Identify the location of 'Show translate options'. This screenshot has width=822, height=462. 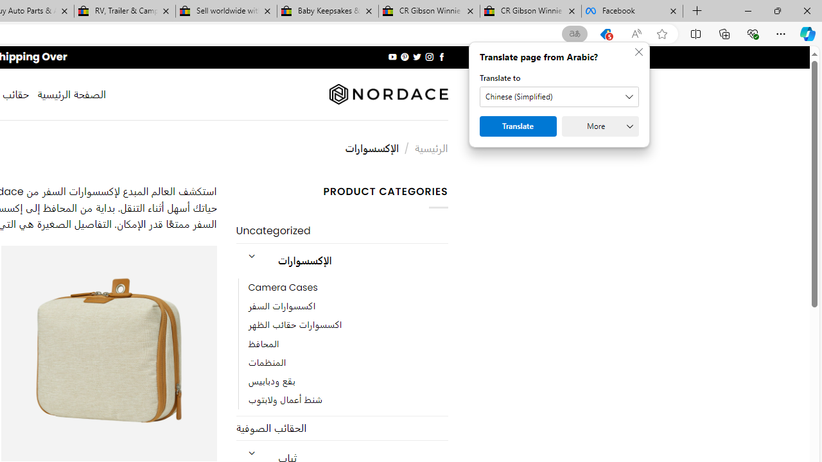
(574, 33).